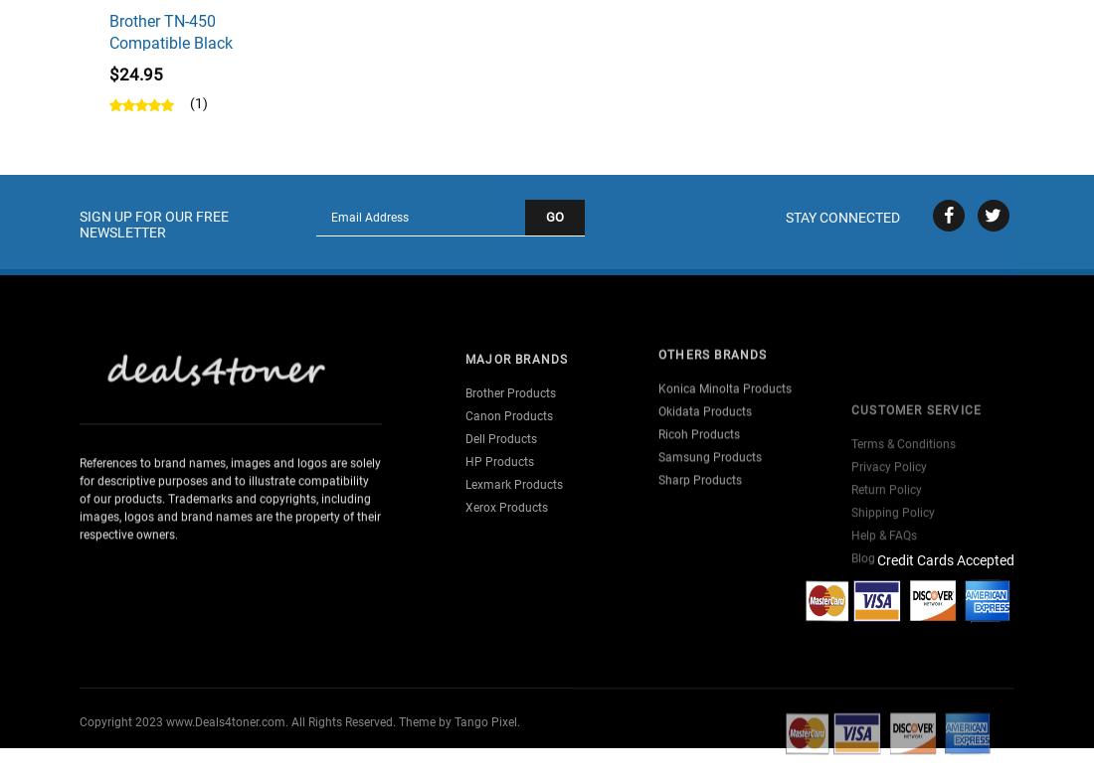 The image size is (1094, 776). What do you see at coordinates (499, 431) in the screenshot?
I see `'HP Products'` at bounding box center [499, 431].